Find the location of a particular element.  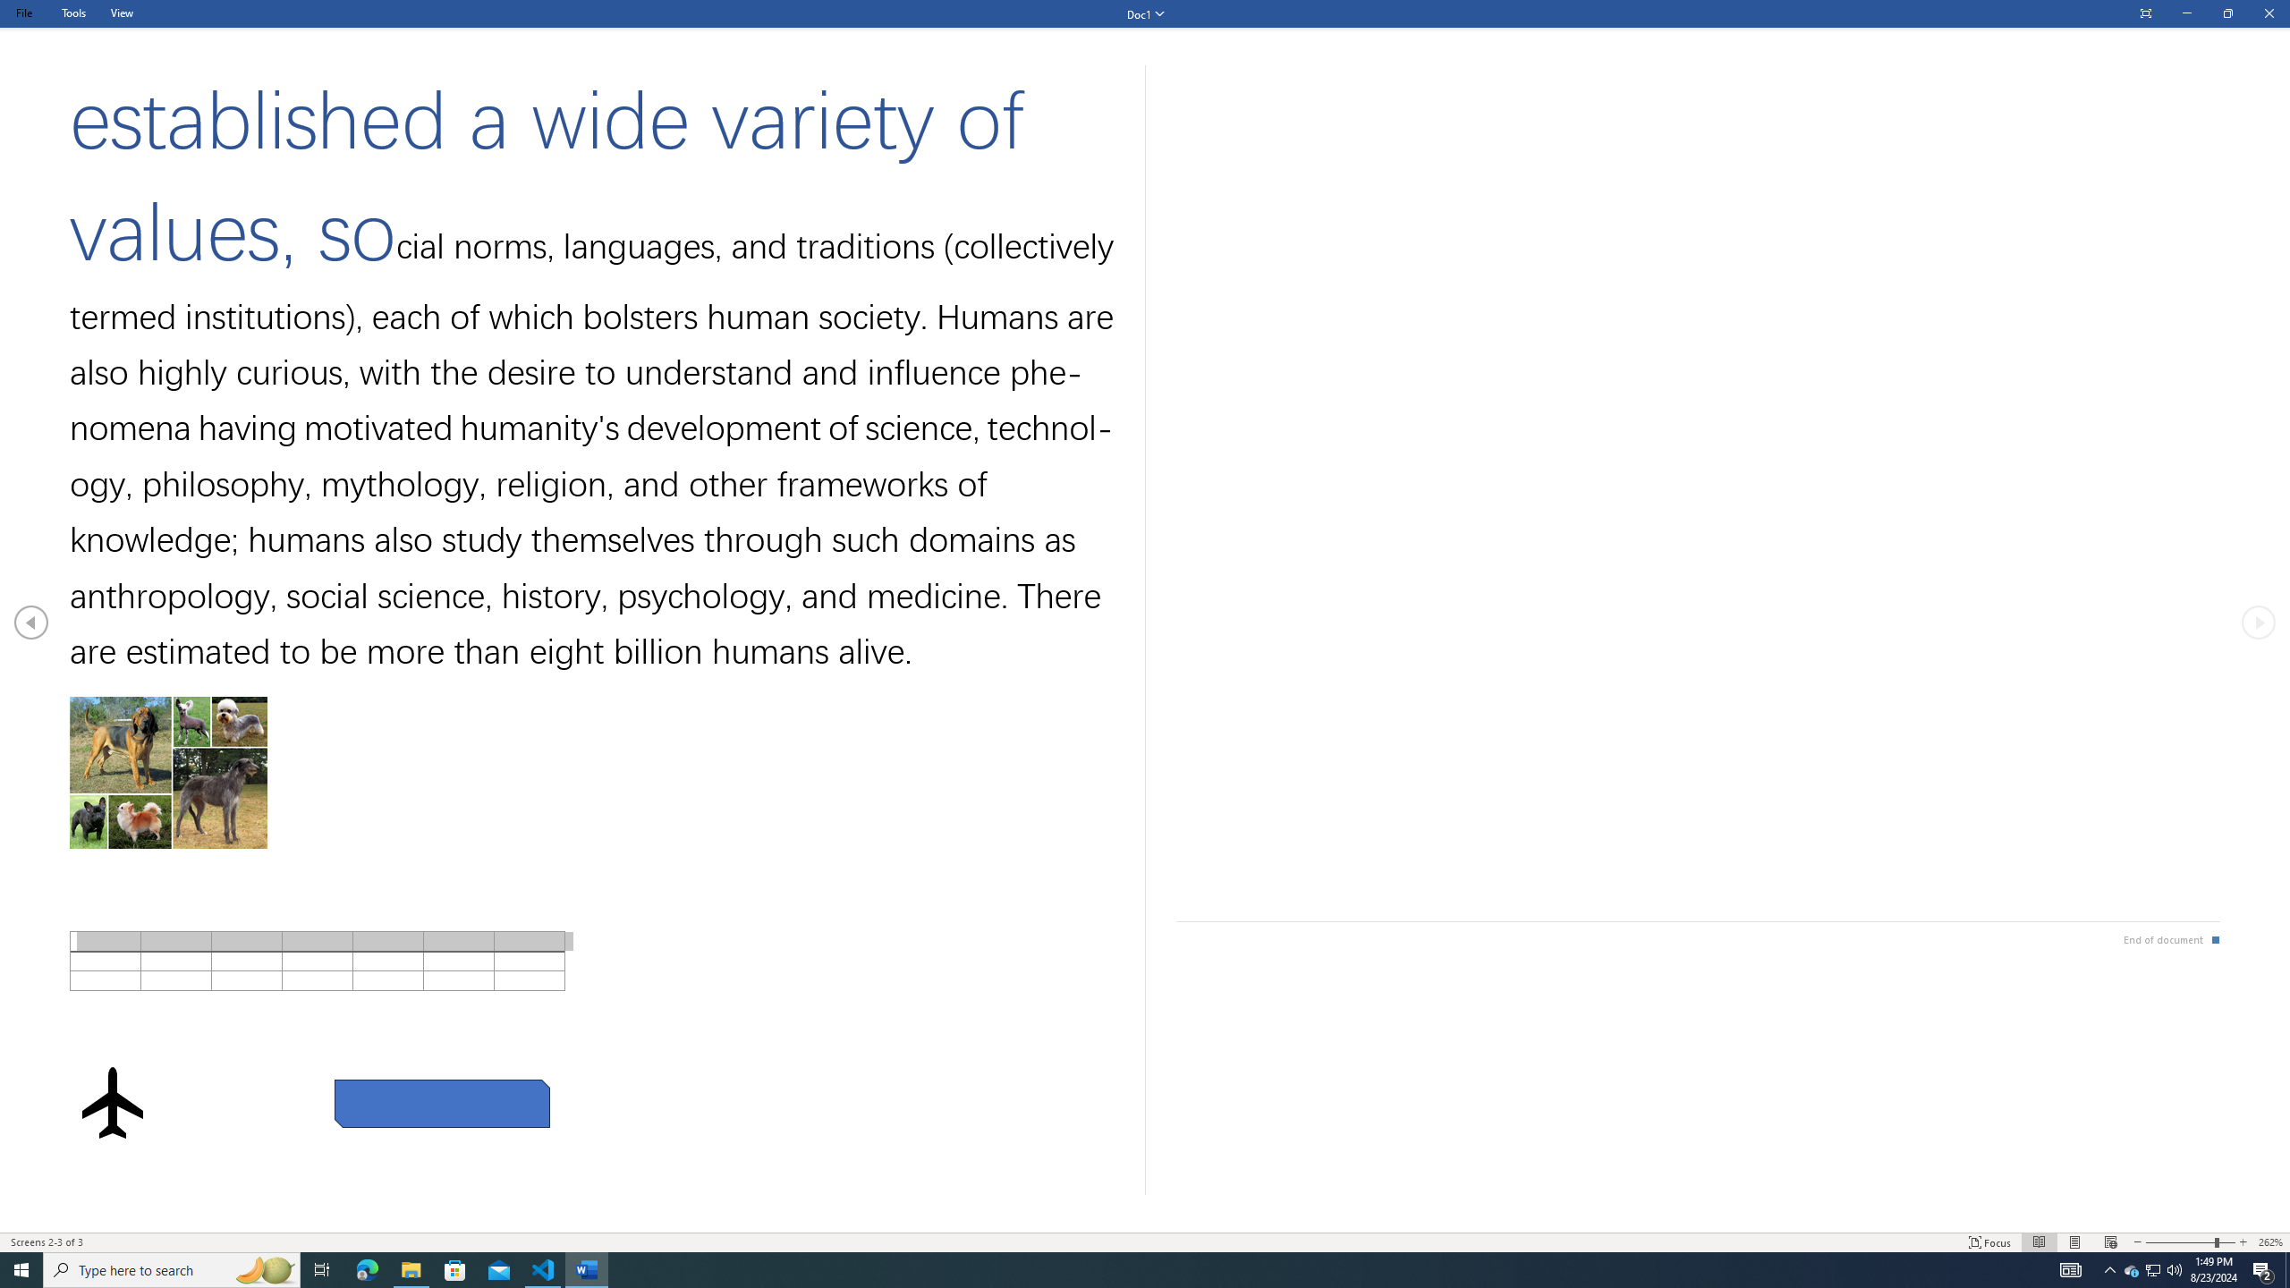

'File Tab' is located at coordinates (22, 13).